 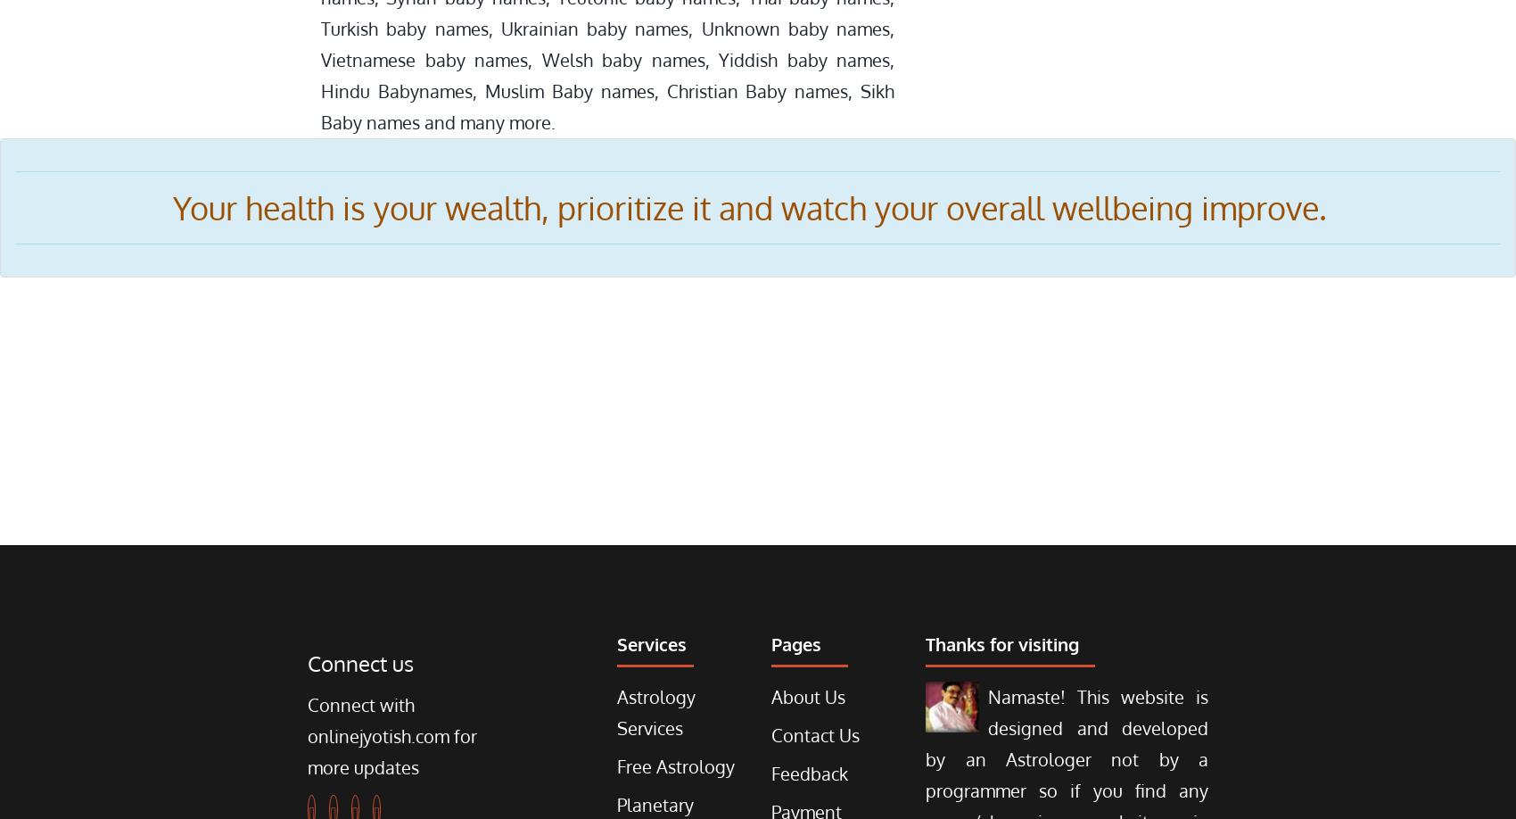 What do you see at coordinates (758, 206) in the screenshot?
I see `'Your health is your wealth, prioritize it and watch your overall wellbeing improve.'` at bounding box center [758, 206].